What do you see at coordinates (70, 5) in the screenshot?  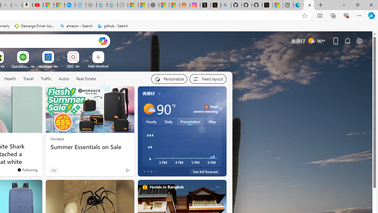 I see `'Opinion: Op-Ed and Commentary - USA TODAY'` at bounding box center [70, 5].